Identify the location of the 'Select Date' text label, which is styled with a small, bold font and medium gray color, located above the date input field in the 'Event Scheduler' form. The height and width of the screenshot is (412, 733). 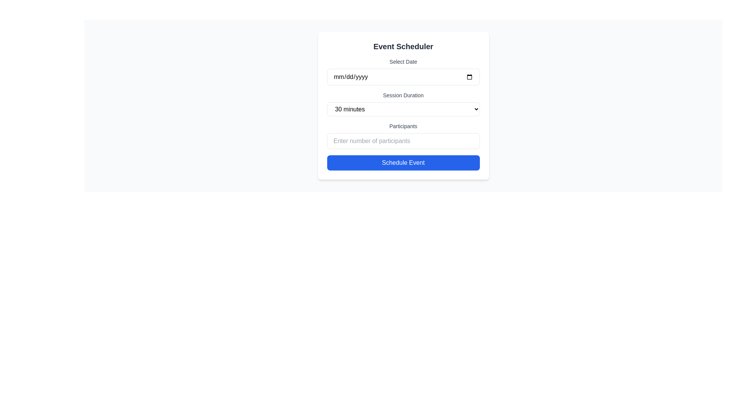
(403, 61).